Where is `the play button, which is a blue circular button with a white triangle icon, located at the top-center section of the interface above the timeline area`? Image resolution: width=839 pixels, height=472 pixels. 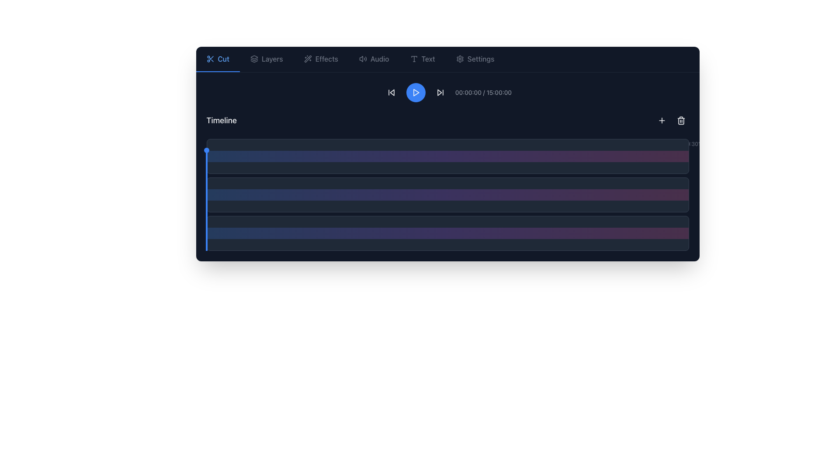
the play button, which is a blue circular button with a white triangle icon, located at the top-center section of the interface above the timeline area is located at coordinates (415, 93).